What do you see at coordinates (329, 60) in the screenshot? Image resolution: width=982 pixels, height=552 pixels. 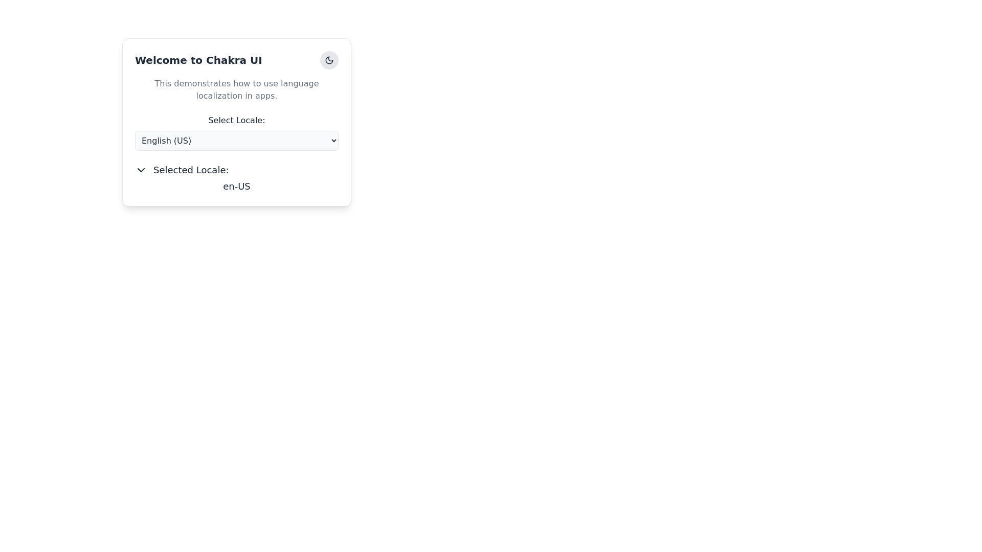 I see `the moon icon located at the top right corner of the 'Welcome to Chakra UI' card` at bounding box center [329, 60].